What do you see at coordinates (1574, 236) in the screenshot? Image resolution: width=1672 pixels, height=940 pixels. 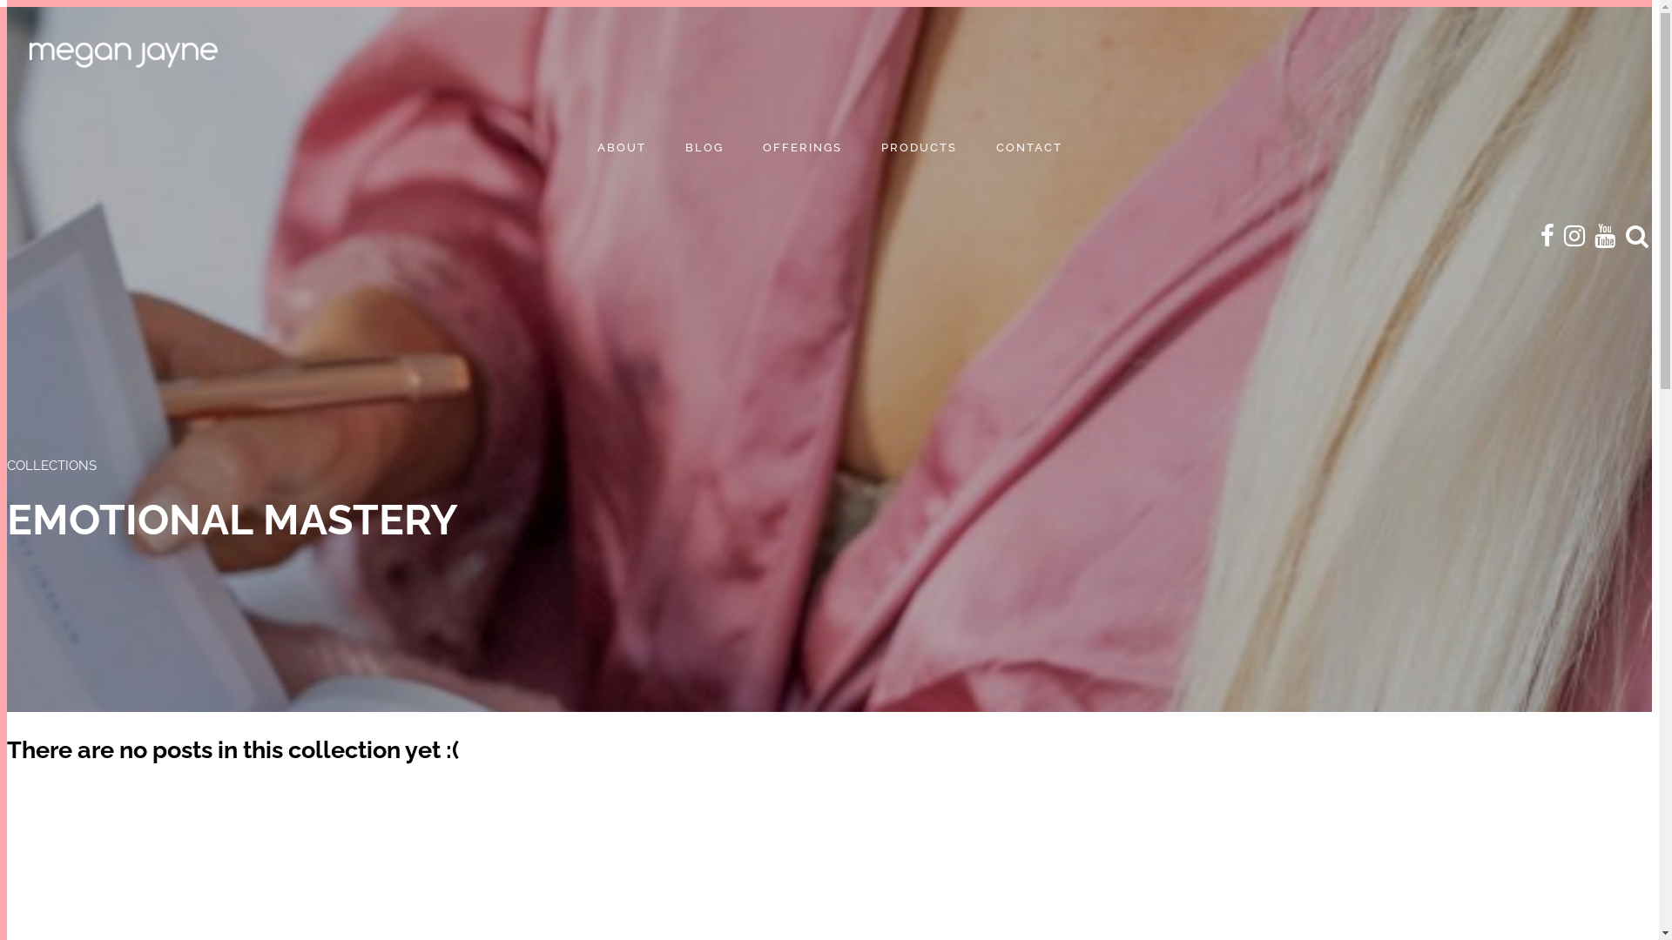 I see `'Megan Jayne Instagram'` at bounding box center [1574, 236].